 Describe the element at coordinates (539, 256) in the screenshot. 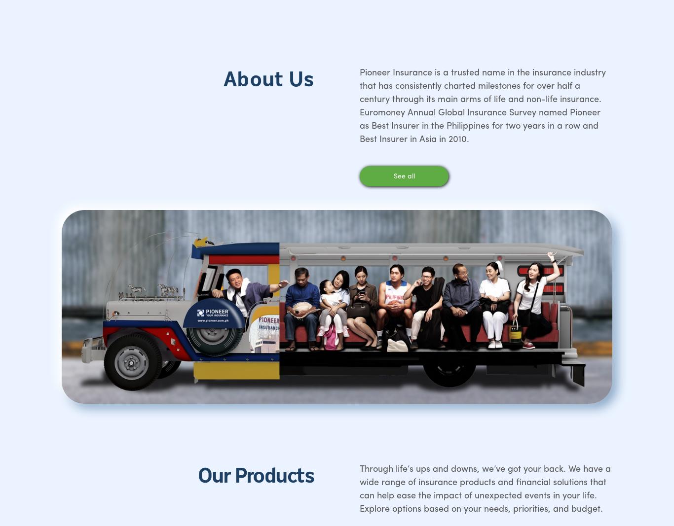

I see `'Instagram'` at that location.